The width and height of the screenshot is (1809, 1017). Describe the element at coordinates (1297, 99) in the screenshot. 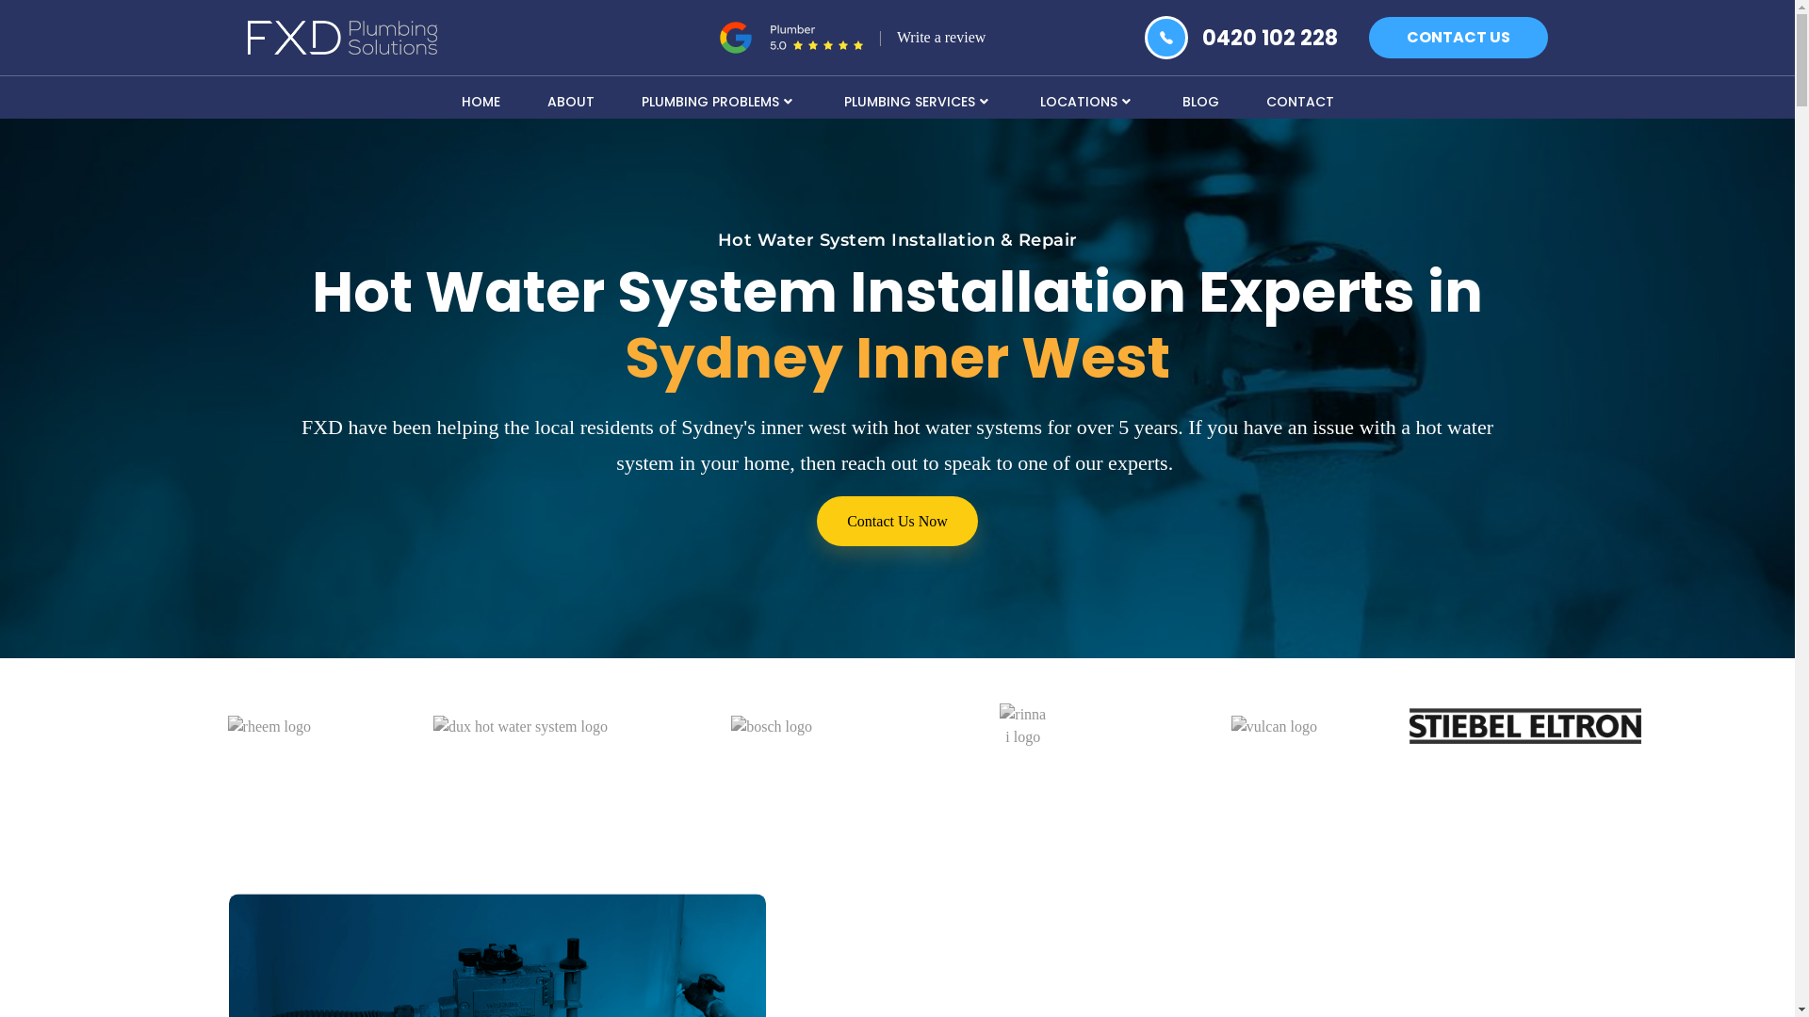

I see `'CONTACT'` at that location.